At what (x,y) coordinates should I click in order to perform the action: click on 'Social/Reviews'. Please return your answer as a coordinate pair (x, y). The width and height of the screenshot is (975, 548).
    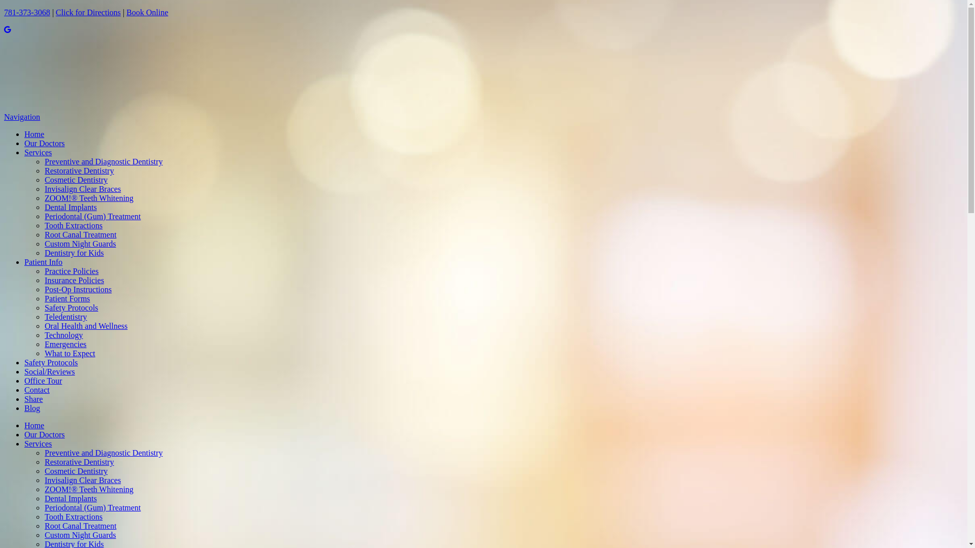
    Looking at the image, I should click on (49, 371).